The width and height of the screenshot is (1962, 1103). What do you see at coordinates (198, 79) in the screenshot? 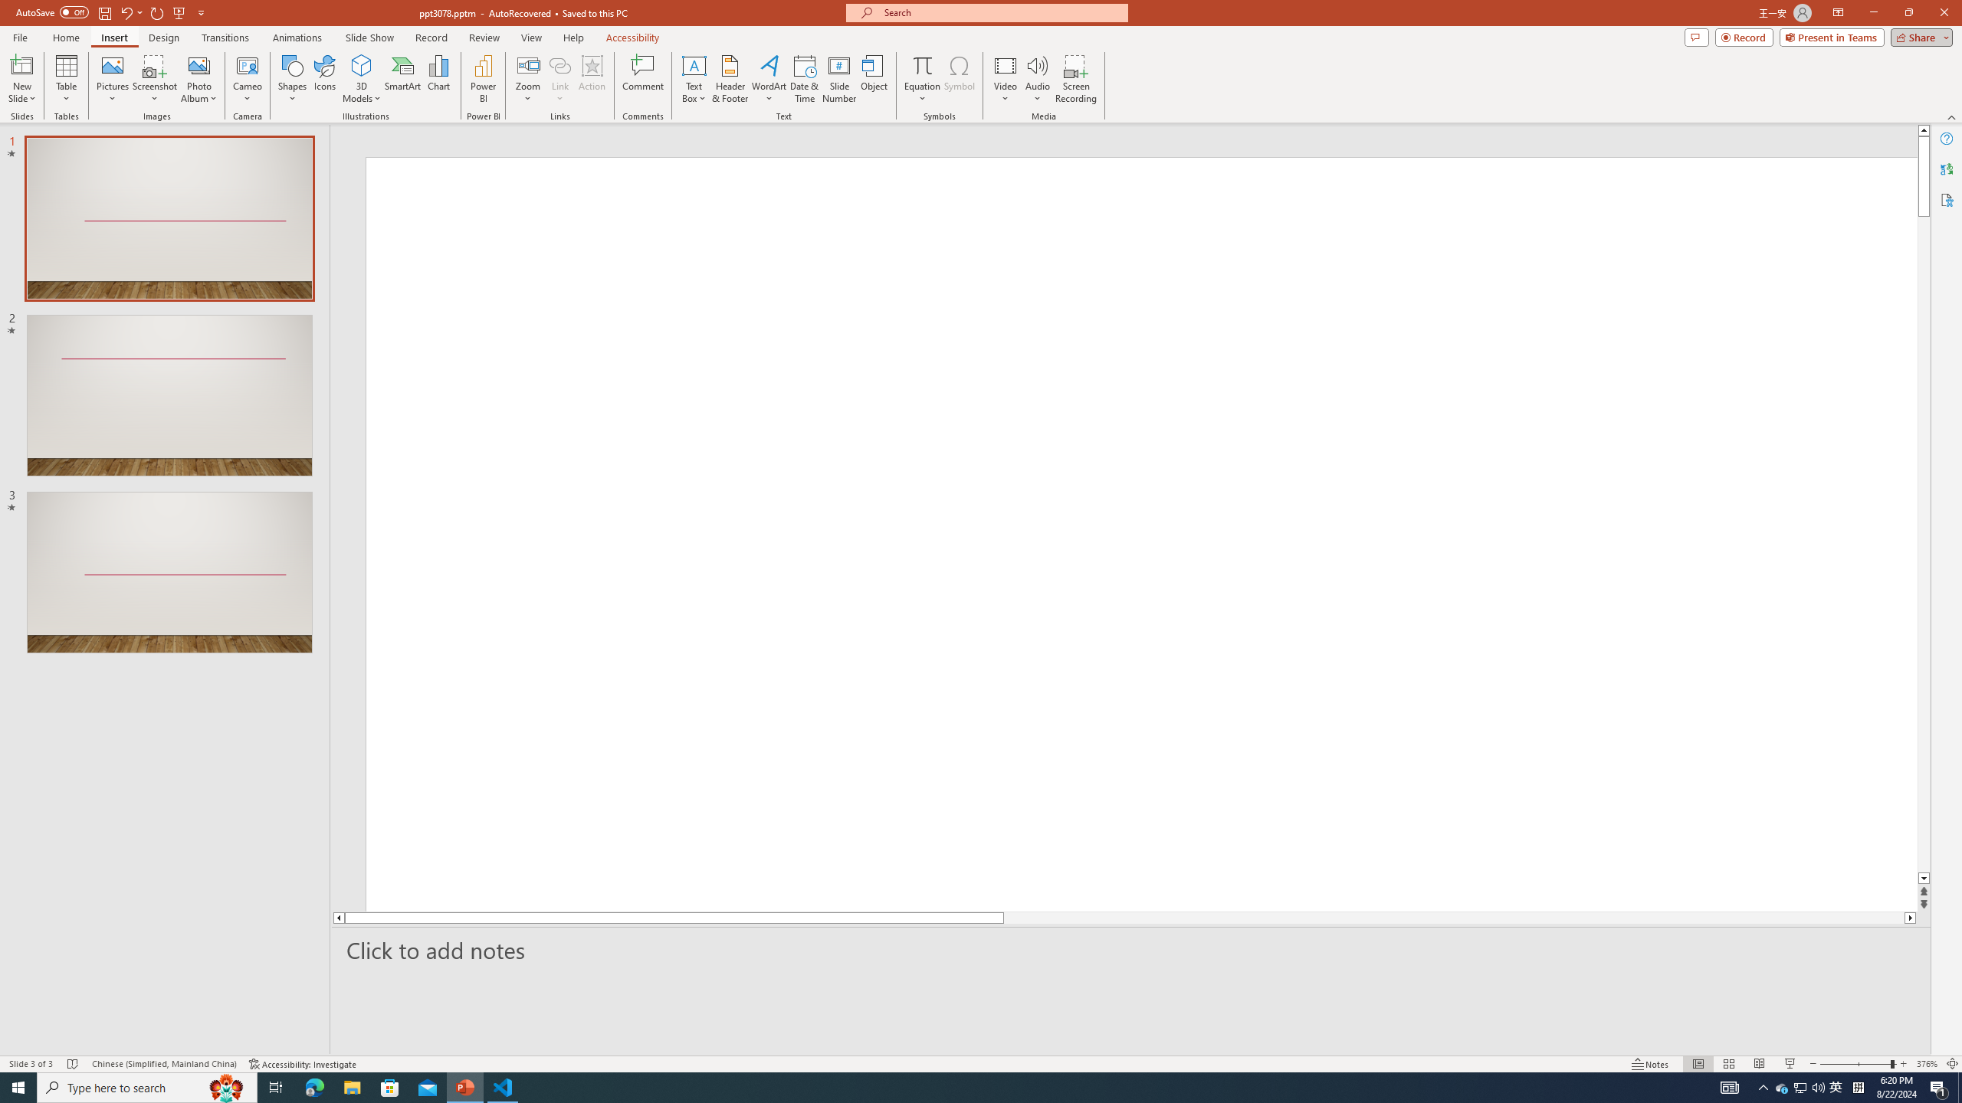
I see `'Photo Album...'` at bounding box center [198, 79].